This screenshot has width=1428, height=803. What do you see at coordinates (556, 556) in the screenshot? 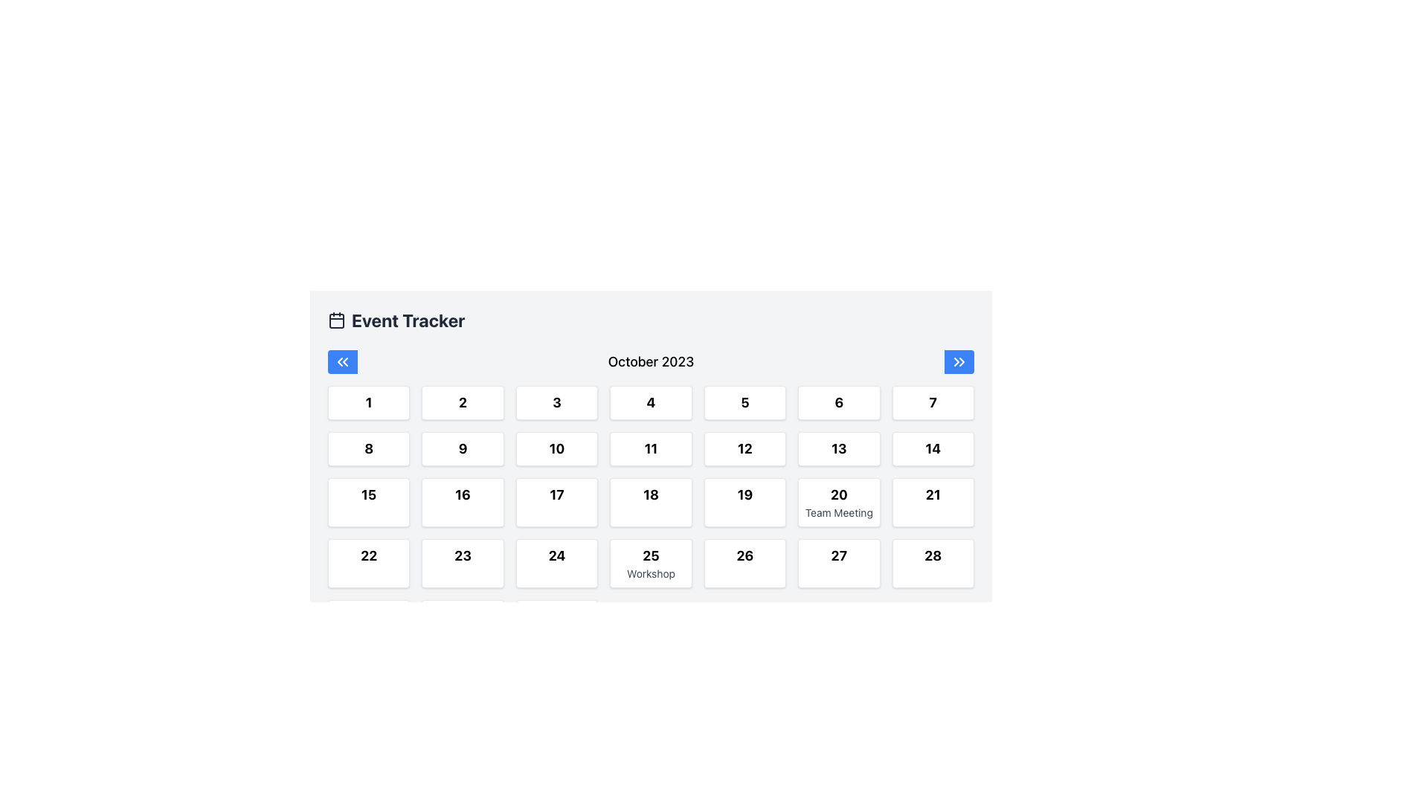
I see `the text label representing the date 24 on the calendar` at bounding box center [556, 556].